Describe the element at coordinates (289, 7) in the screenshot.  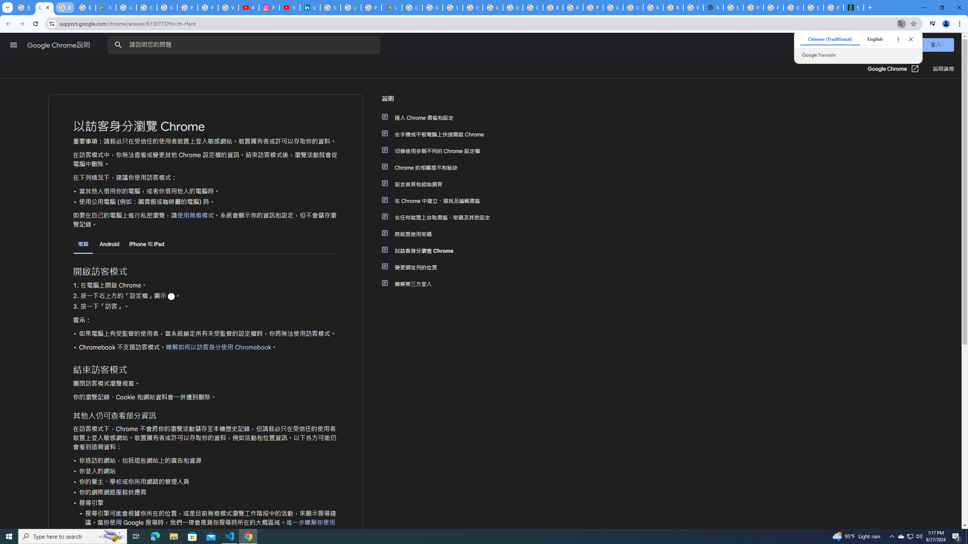
I see `'YouTube Culture & Trends - On The Rise: Handcam Videos'` at that location.